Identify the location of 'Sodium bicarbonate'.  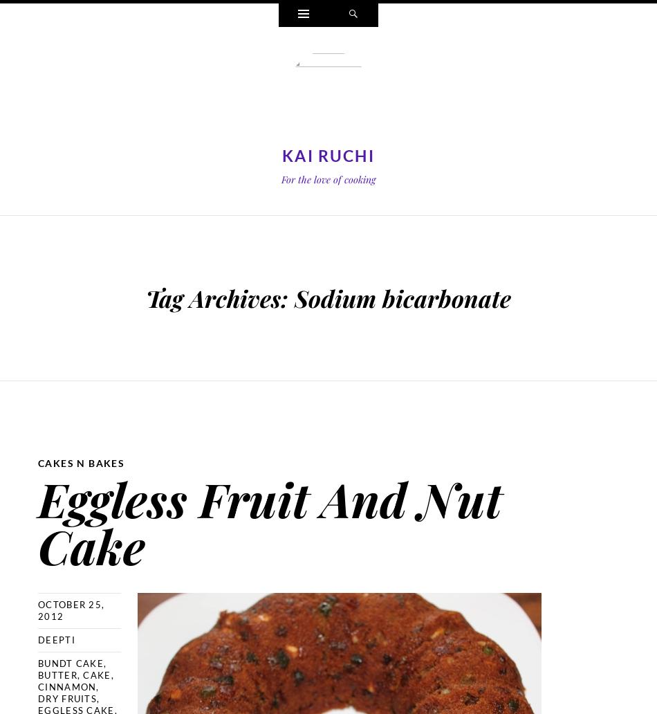
(293, 297).